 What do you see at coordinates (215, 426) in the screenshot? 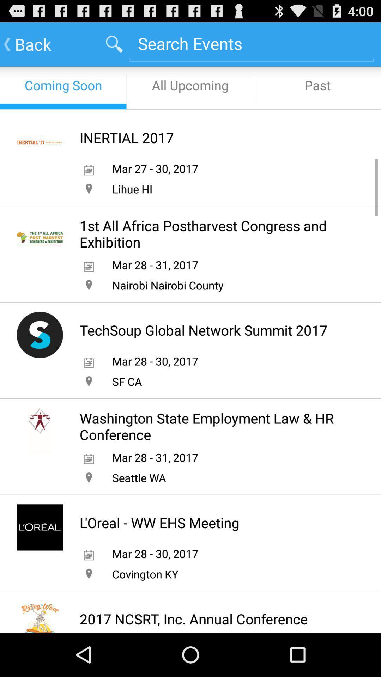
I see `the washington state employment app` at bounding box center [215, 426].